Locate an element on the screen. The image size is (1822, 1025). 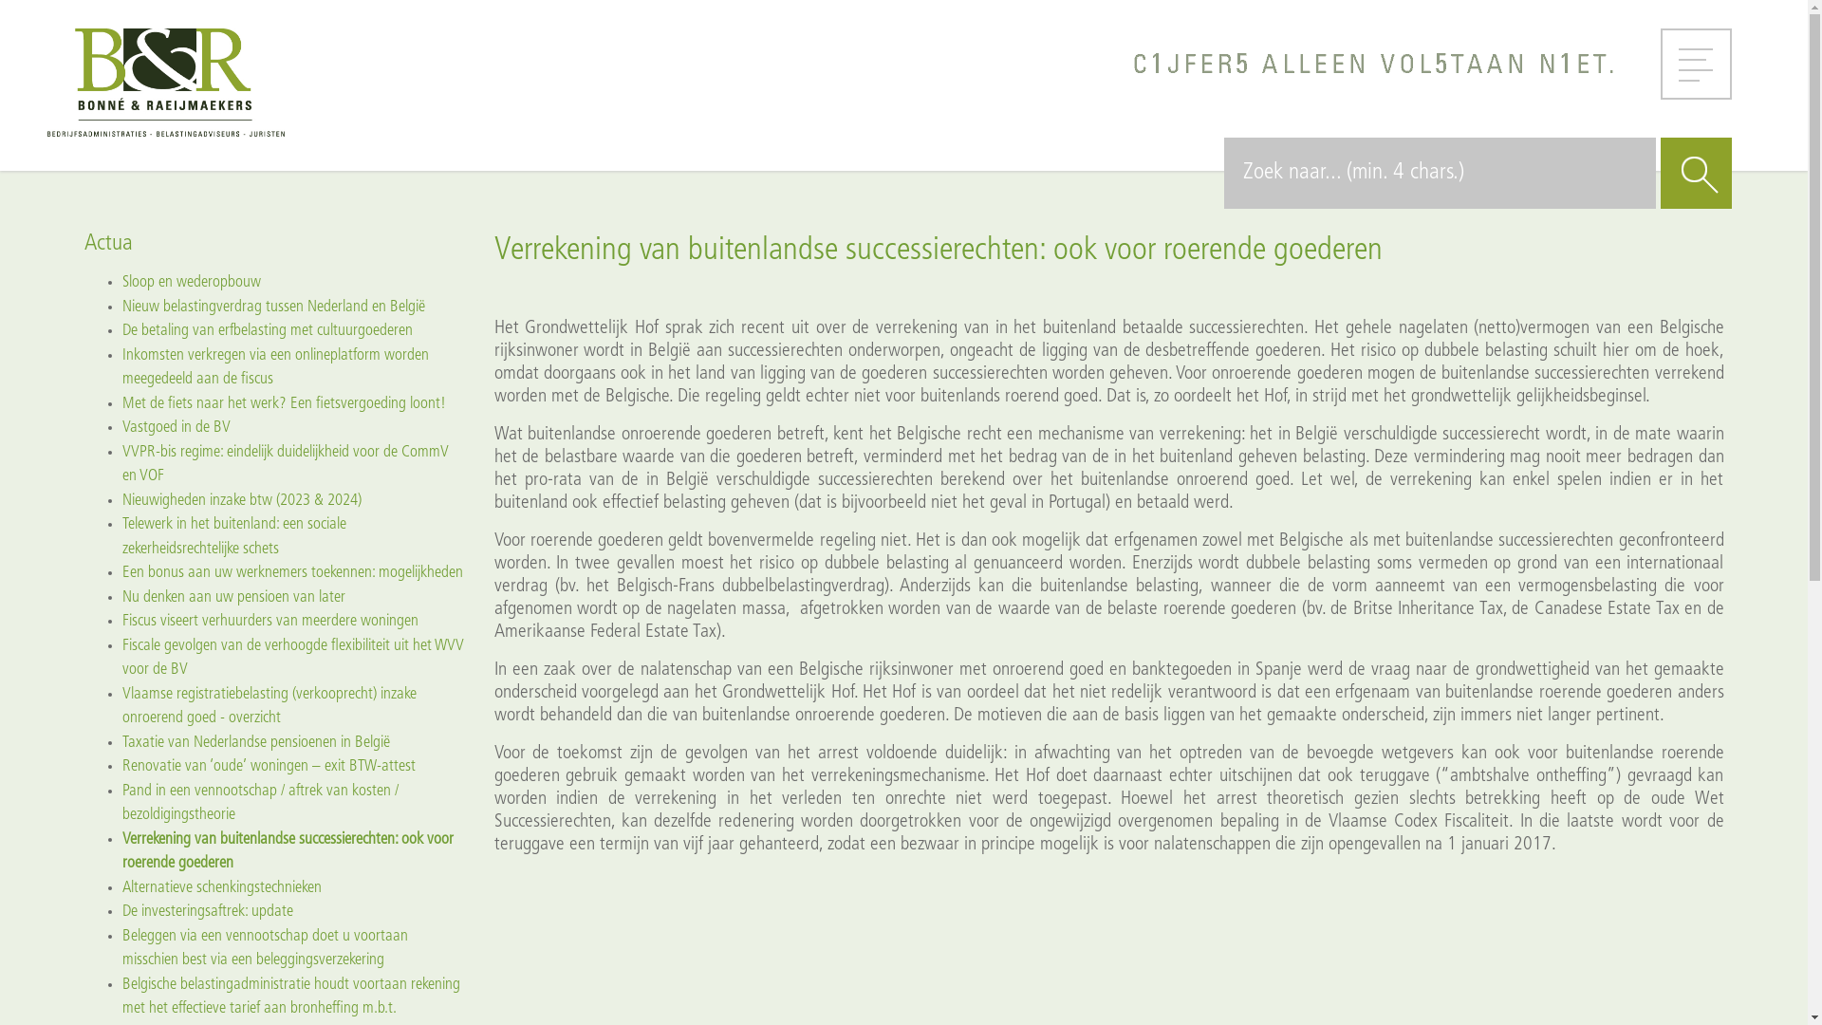
'Fiscus viseert verhuurders van meerdere woningen' is located at coordinates (121, 621).